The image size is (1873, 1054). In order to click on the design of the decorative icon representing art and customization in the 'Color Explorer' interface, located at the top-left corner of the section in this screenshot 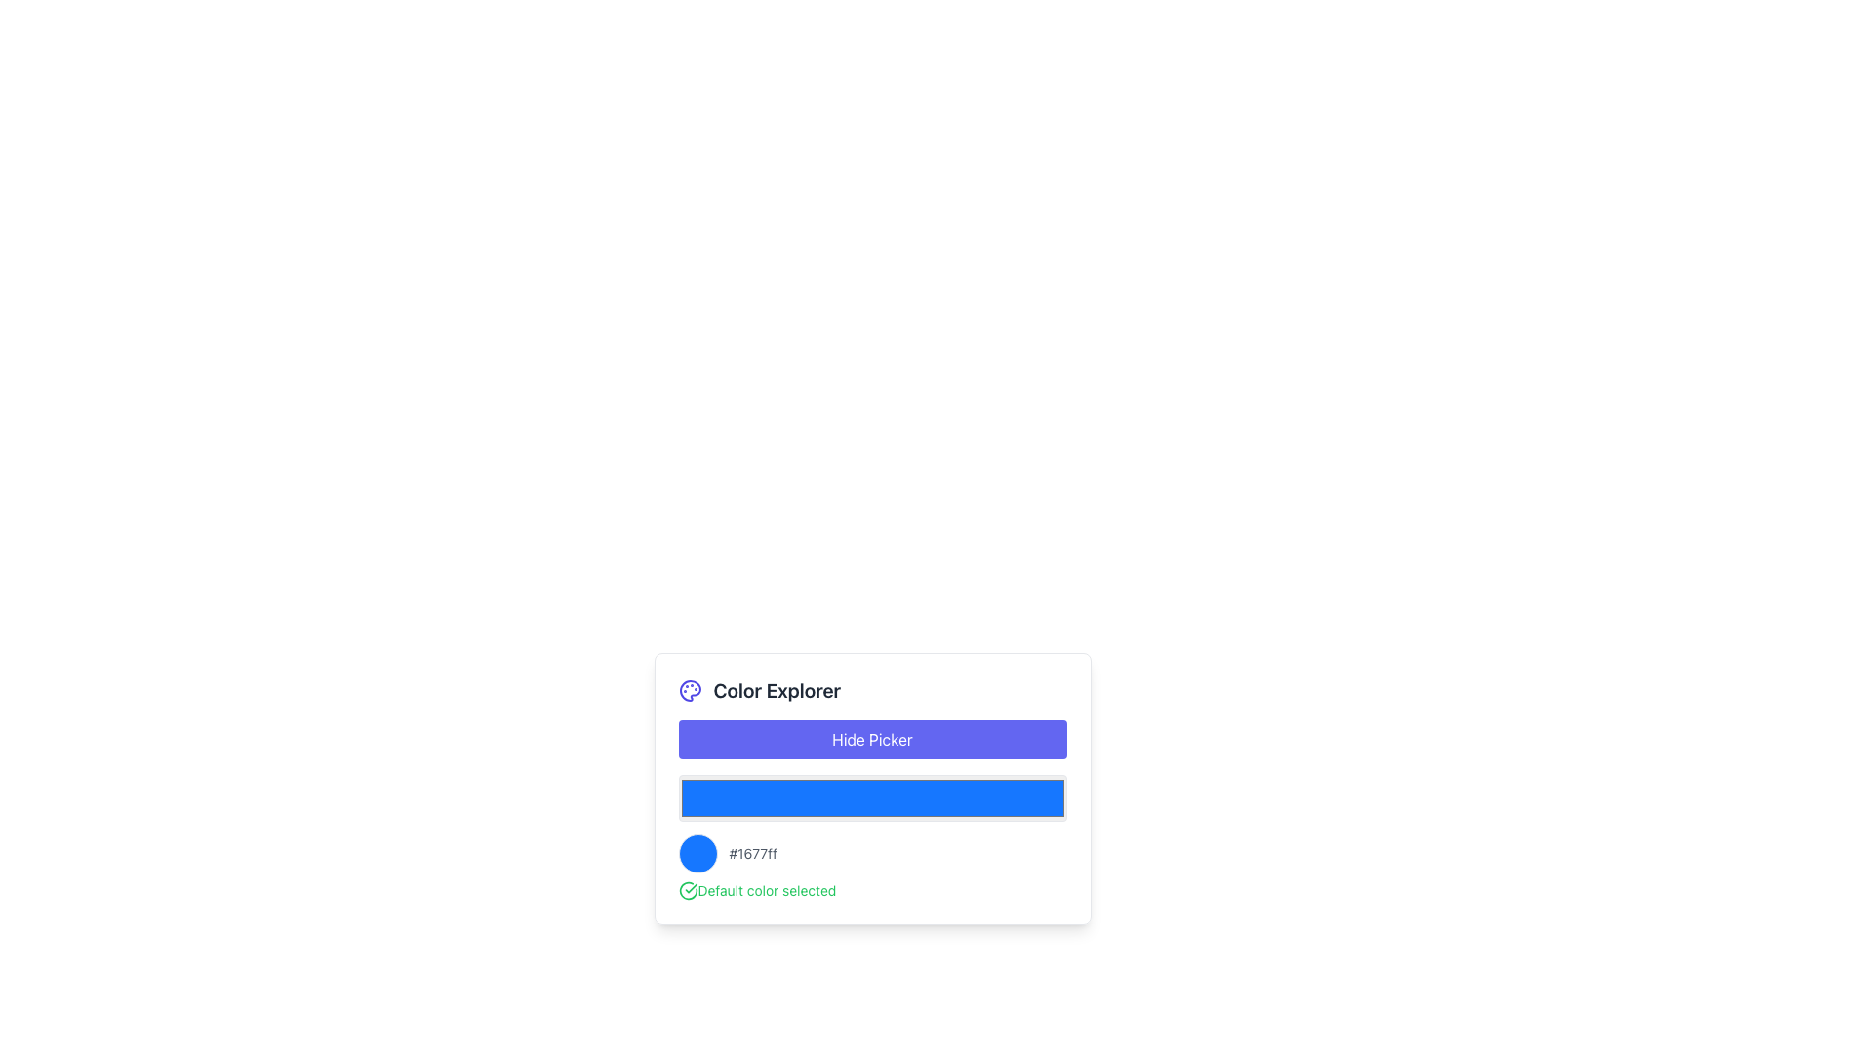, I will do `click(690, 690)`.